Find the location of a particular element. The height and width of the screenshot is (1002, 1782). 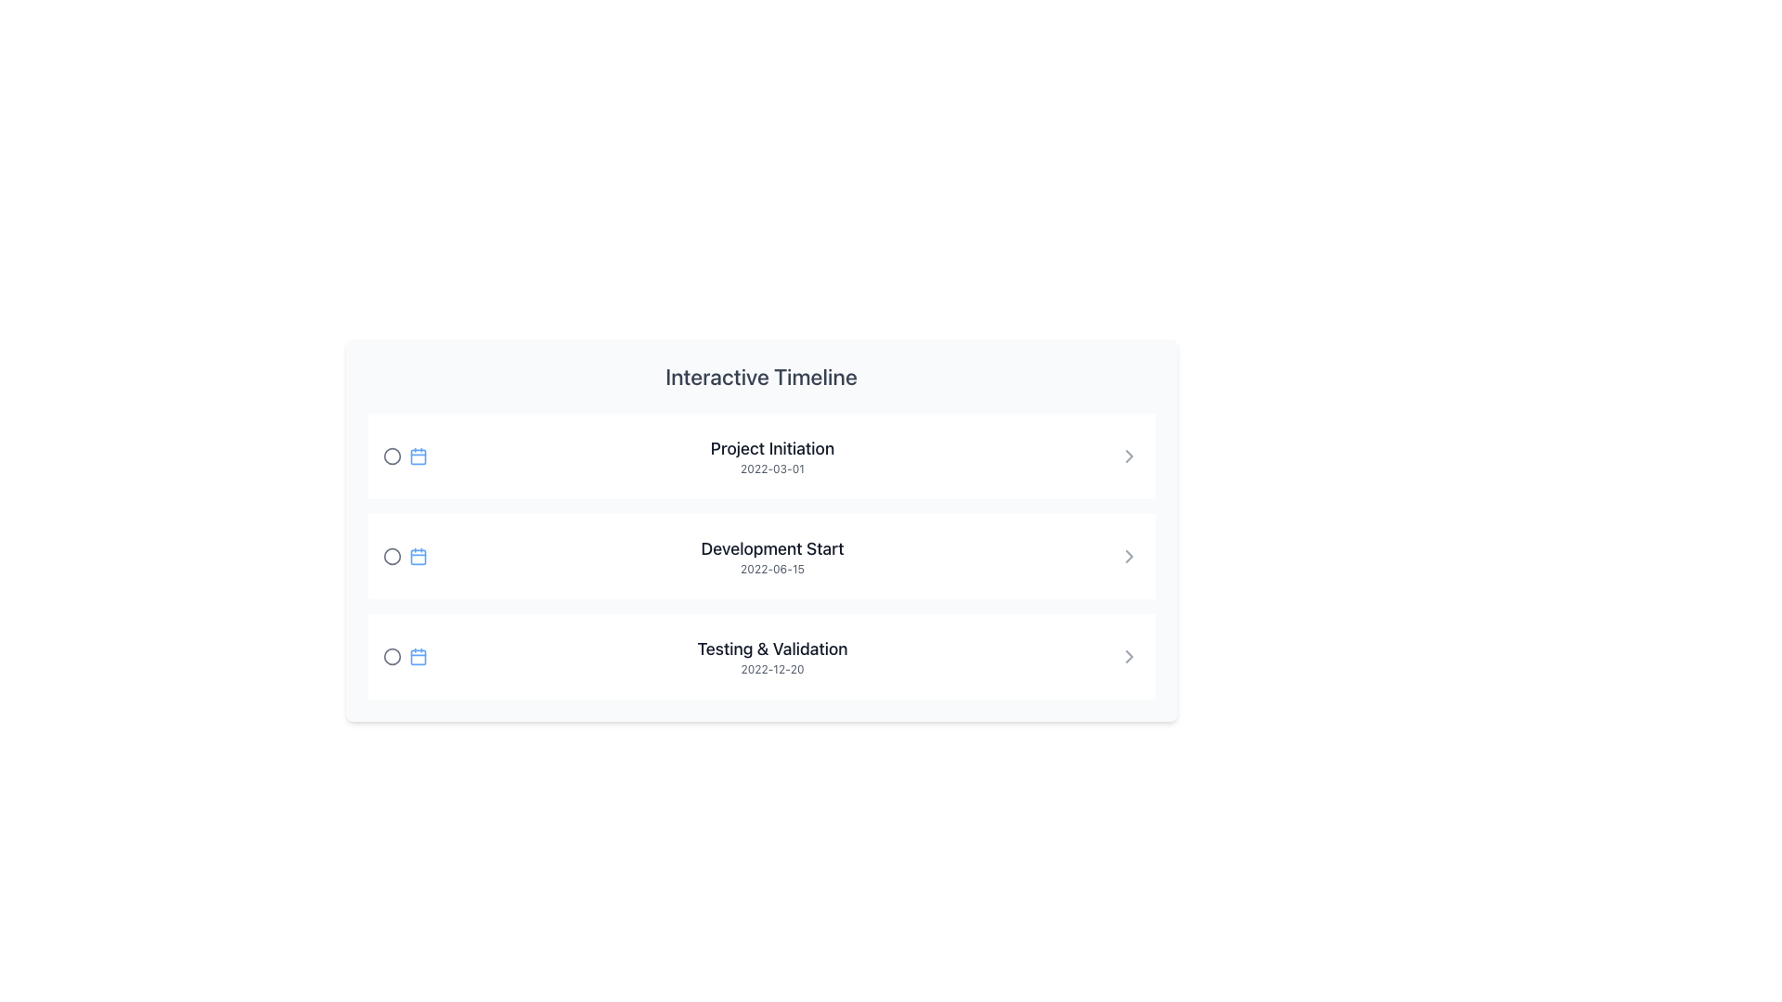

the small blue calendar icon located in the third row of the timeline panel, next to the circular checkbox icon, to interact with it is located at coordinates (417, 656).